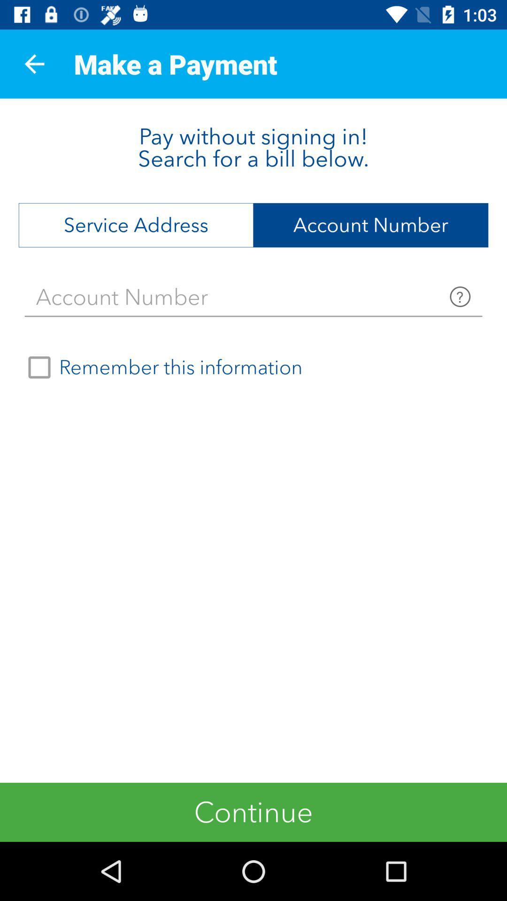  Describe the element at coordinates (136, 225) in the screenshot. I see `item next to account number item` at that location.